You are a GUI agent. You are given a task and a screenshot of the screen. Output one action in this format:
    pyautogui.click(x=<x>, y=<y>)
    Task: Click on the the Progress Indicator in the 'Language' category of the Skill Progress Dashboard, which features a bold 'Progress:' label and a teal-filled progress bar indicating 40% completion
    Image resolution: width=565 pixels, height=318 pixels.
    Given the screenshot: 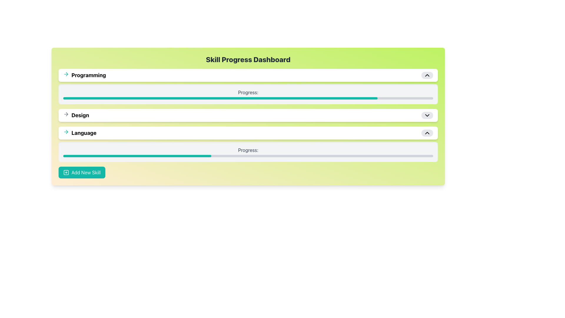 What is the action you would take?
    pyautogui.click(x=248, y=152)
    